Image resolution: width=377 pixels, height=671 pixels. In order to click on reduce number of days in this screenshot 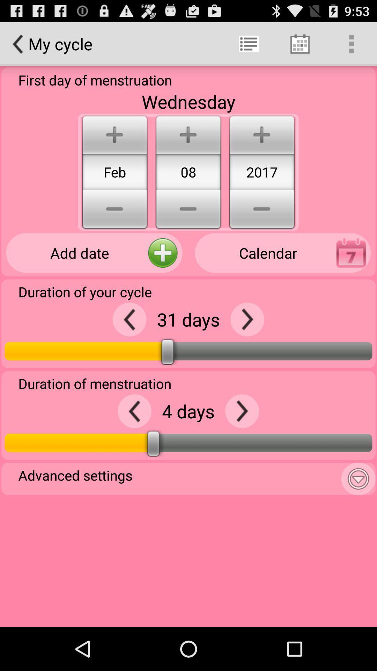, I will do `click(134, 411)`.